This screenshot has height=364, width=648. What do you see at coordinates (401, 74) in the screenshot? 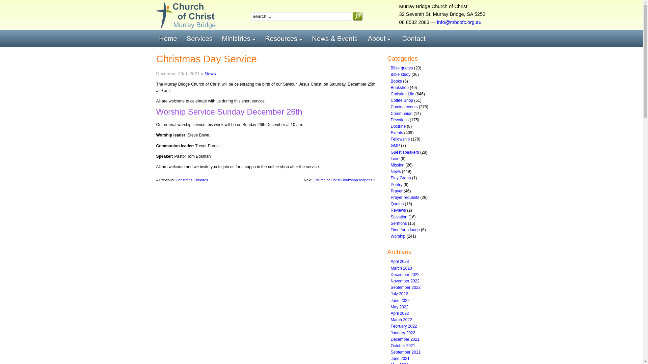
I see `'Bible study'` at bounding box center [401, 74].